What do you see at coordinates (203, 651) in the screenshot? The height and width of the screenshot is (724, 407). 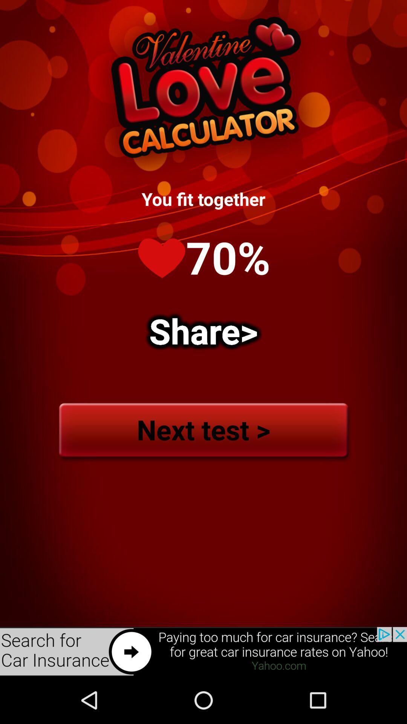 I see `open the advertisement` at bounding box center [203, 651].